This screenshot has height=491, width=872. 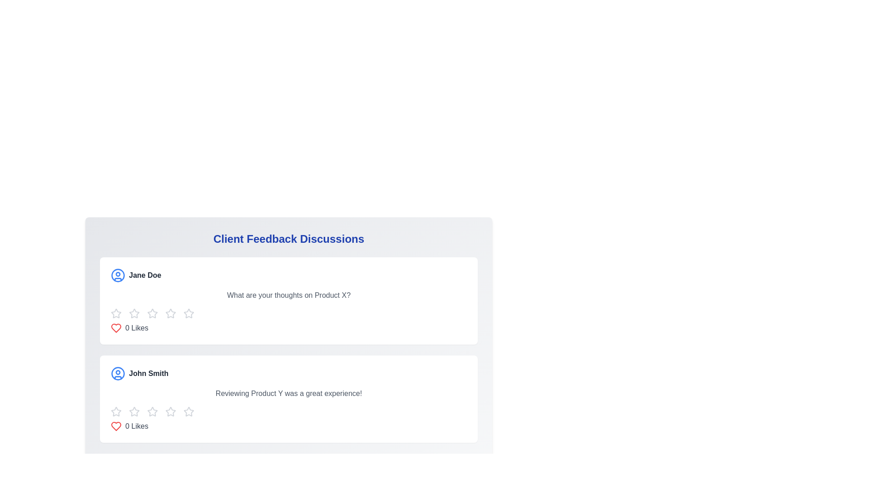 What do you see at coordinates (170, 411) in the screenshot?
I see `the third star in the rating system, which is represented as a light gray star-shaped icon` at bounding box center [170, 411].